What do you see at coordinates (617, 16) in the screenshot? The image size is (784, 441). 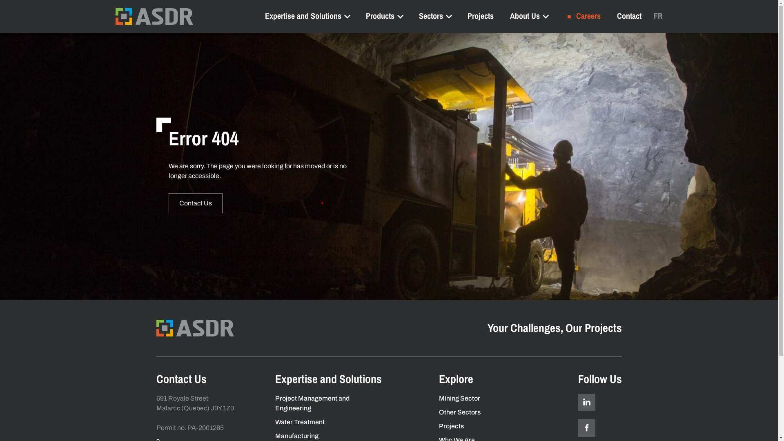 I see `'Contact'` at bounding box center [617, 16].